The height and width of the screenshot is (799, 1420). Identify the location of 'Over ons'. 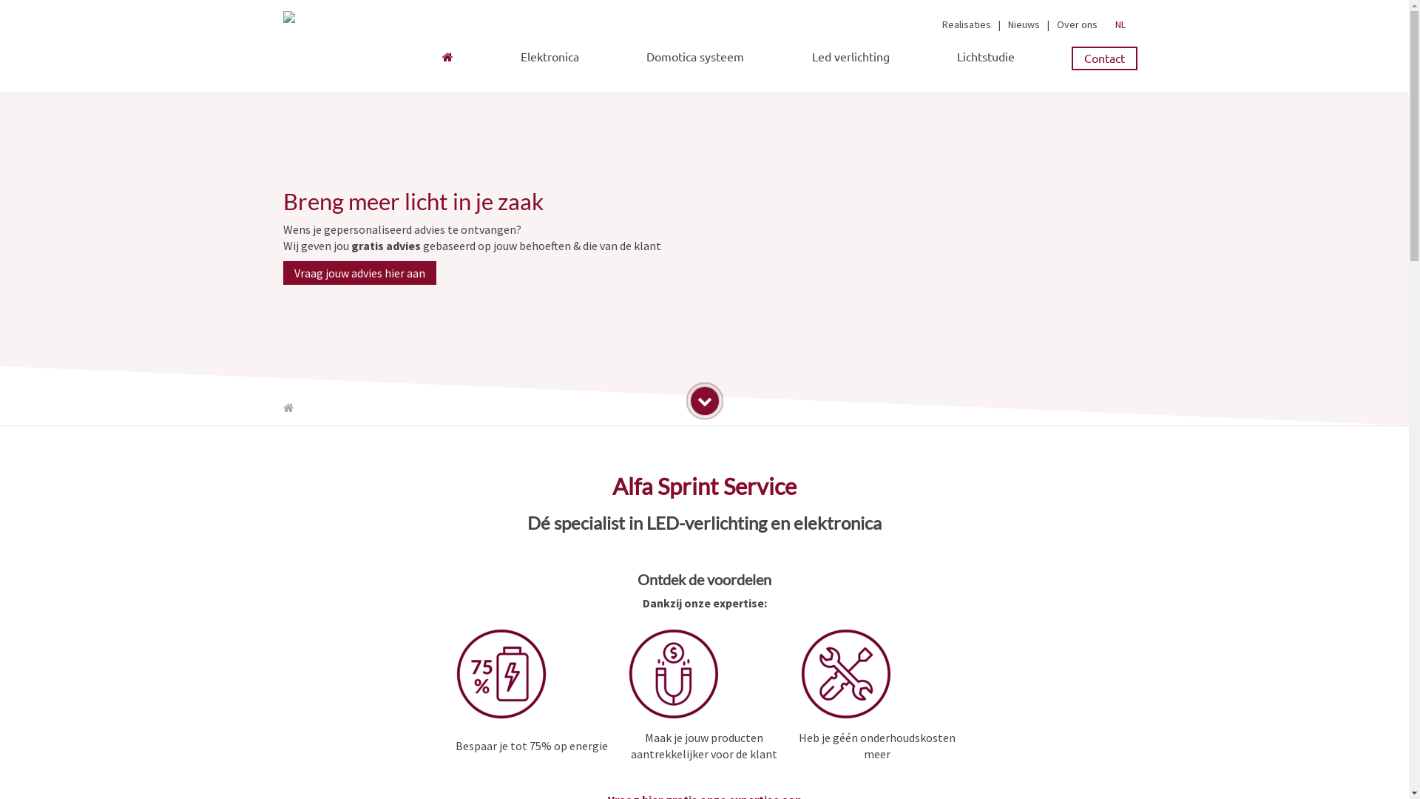
(1076, 24).